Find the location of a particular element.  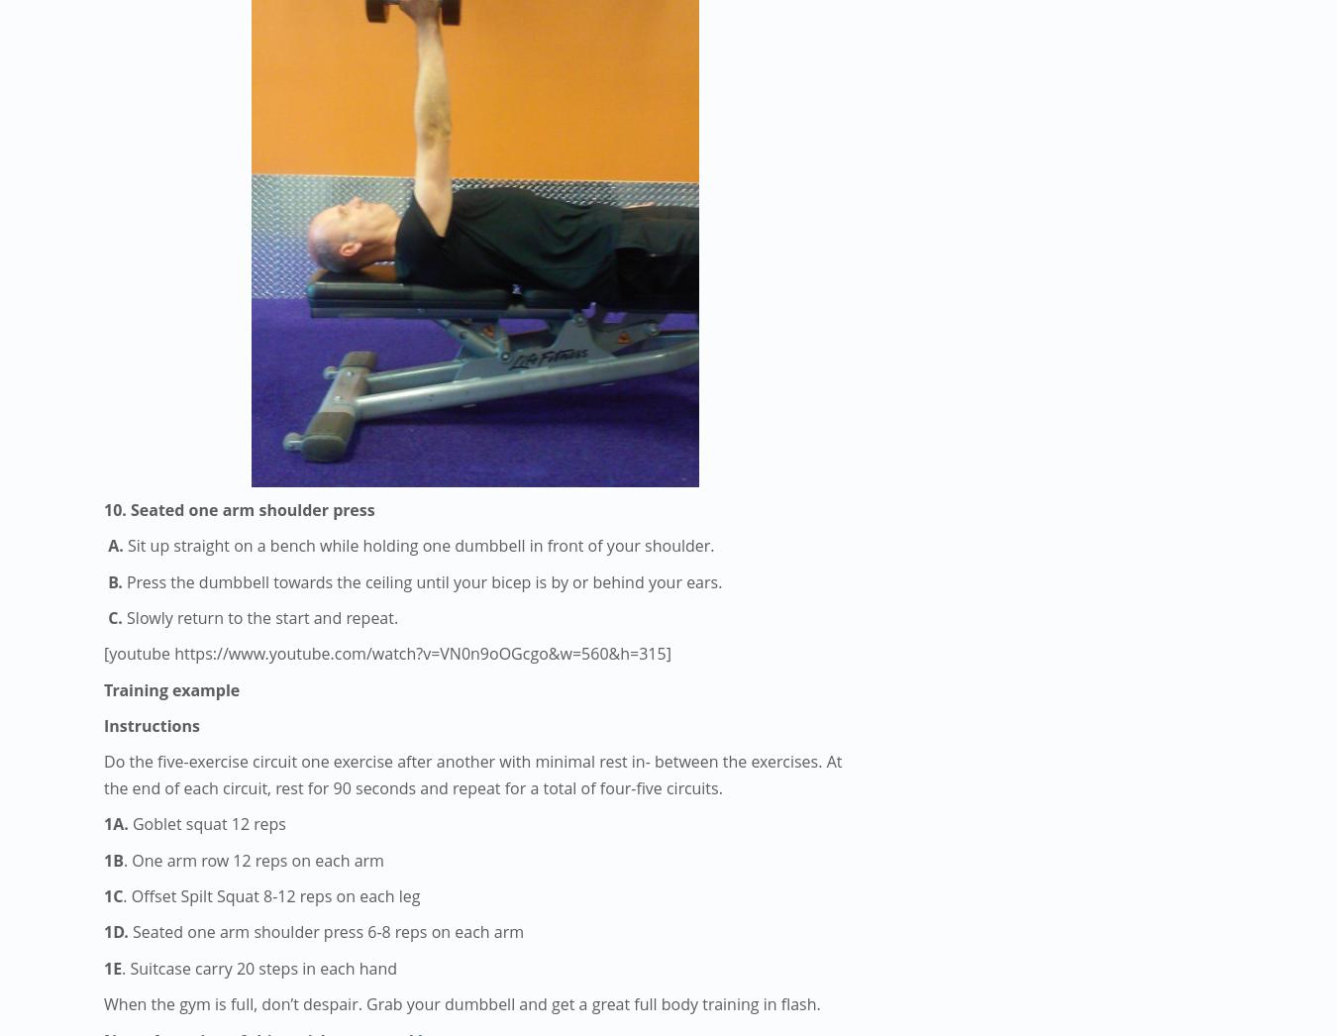

'1B' is located at coordinates (103, 858).